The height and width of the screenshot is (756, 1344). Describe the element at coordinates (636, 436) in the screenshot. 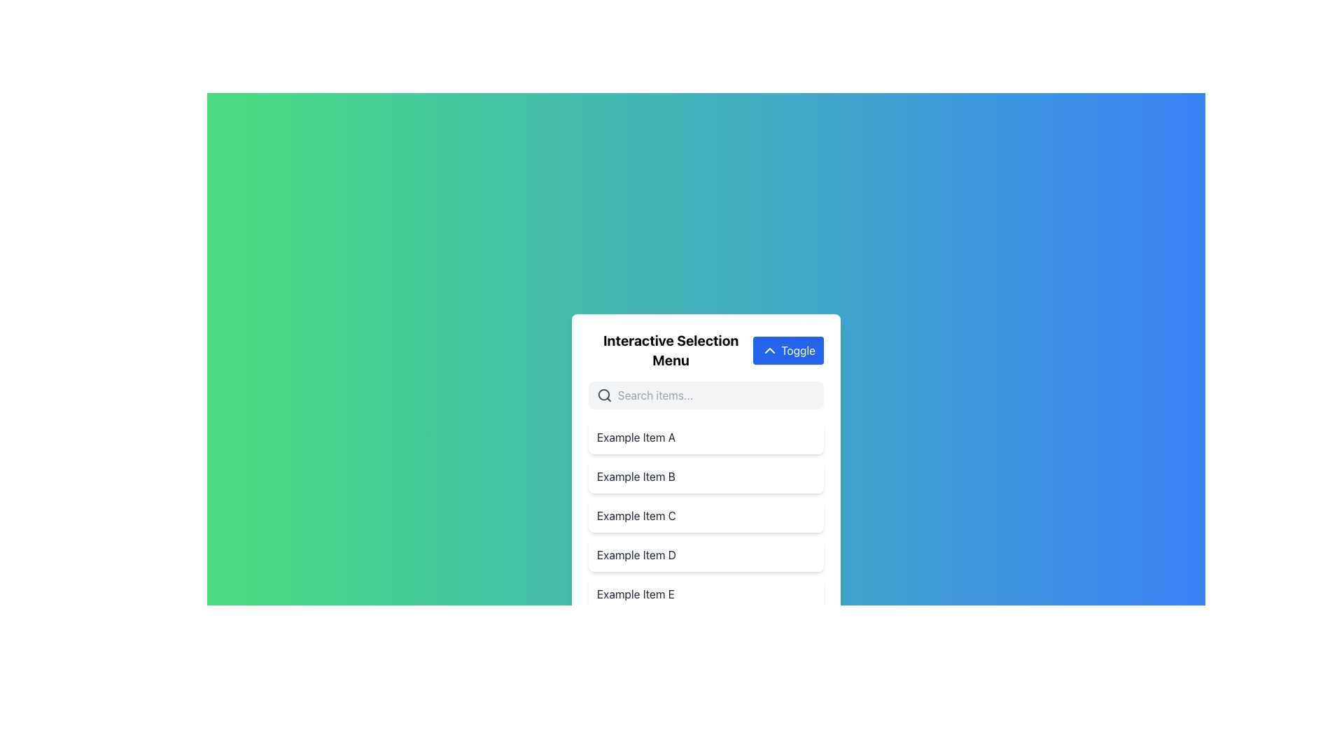

I see `text label 'Example Item A' which is styled in bold dark gray font and positioned within the first item of a vertically stacked list below the search bar` at that location.